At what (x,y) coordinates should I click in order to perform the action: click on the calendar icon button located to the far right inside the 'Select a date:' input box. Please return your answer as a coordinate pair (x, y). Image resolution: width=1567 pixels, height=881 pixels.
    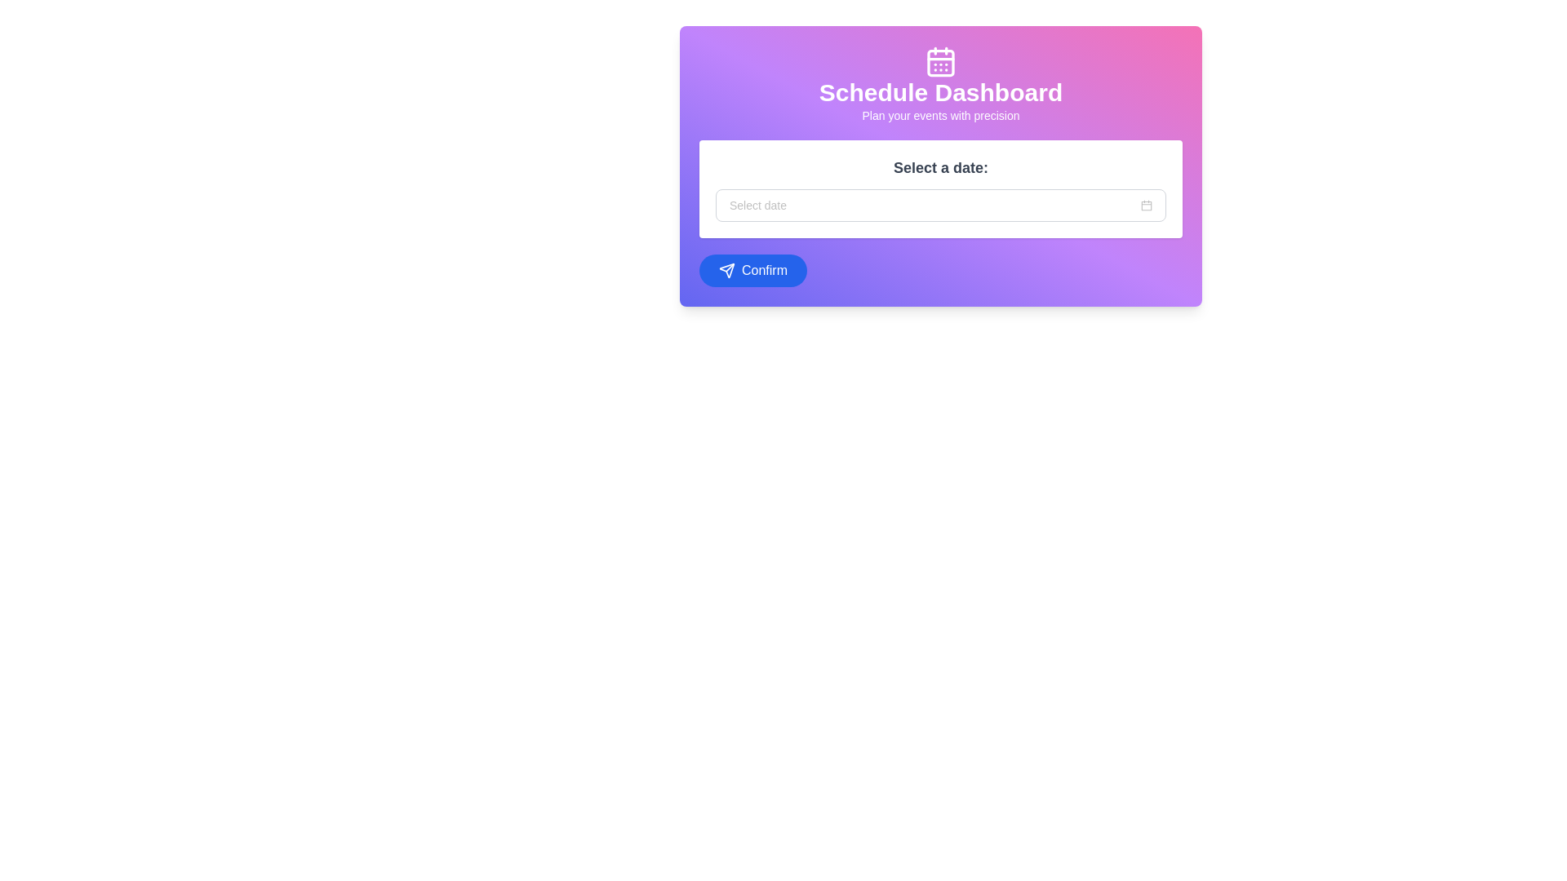
    Looking at the image, I should click on (1146, 204).